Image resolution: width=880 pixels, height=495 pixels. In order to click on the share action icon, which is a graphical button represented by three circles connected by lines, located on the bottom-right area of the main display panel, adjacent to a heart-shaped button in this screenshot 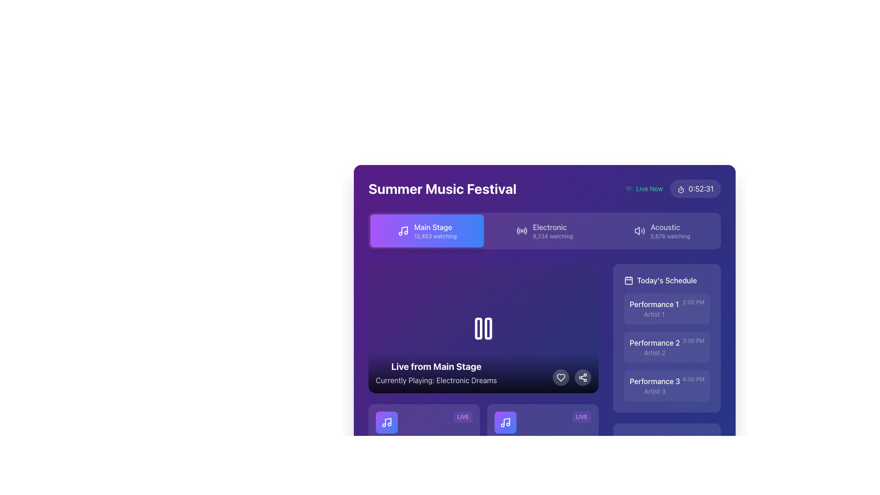, I will do `click(583, 378)`.